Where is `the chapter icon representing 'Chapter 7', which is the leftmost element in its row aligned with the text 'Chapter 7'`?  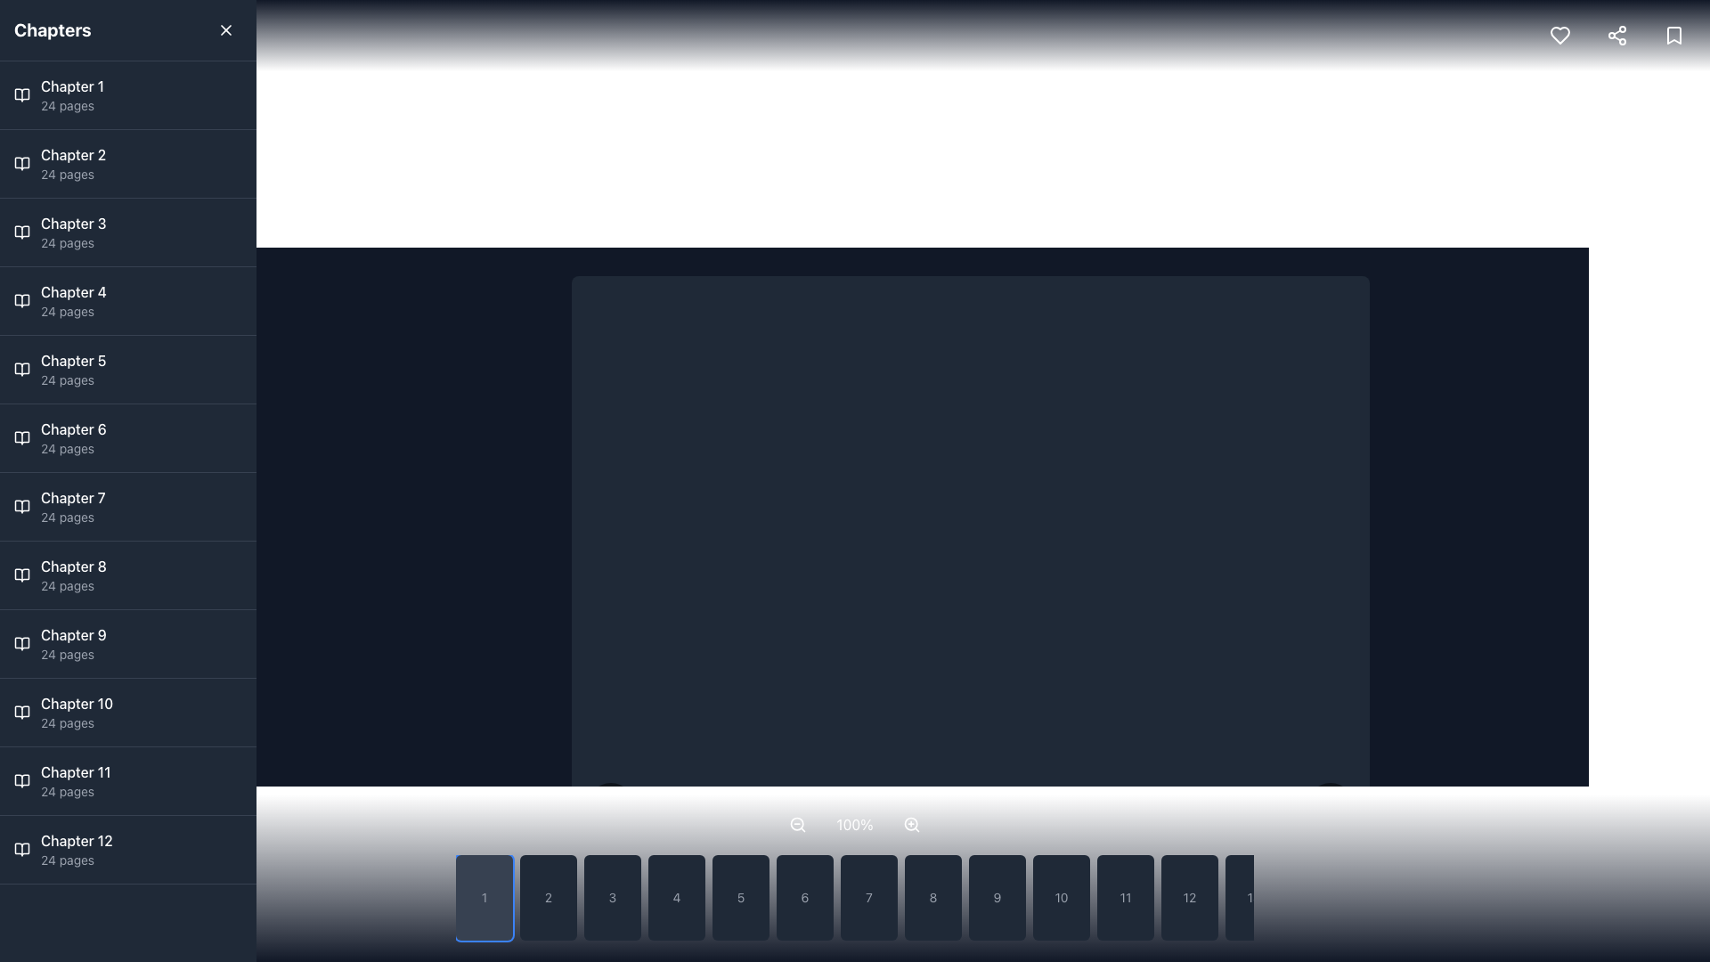 the chapter icon representing 'Chapter 7', which is the leftmost element in its row aligned with the text 'Chapter 7' is located at coordinates (21, 507).